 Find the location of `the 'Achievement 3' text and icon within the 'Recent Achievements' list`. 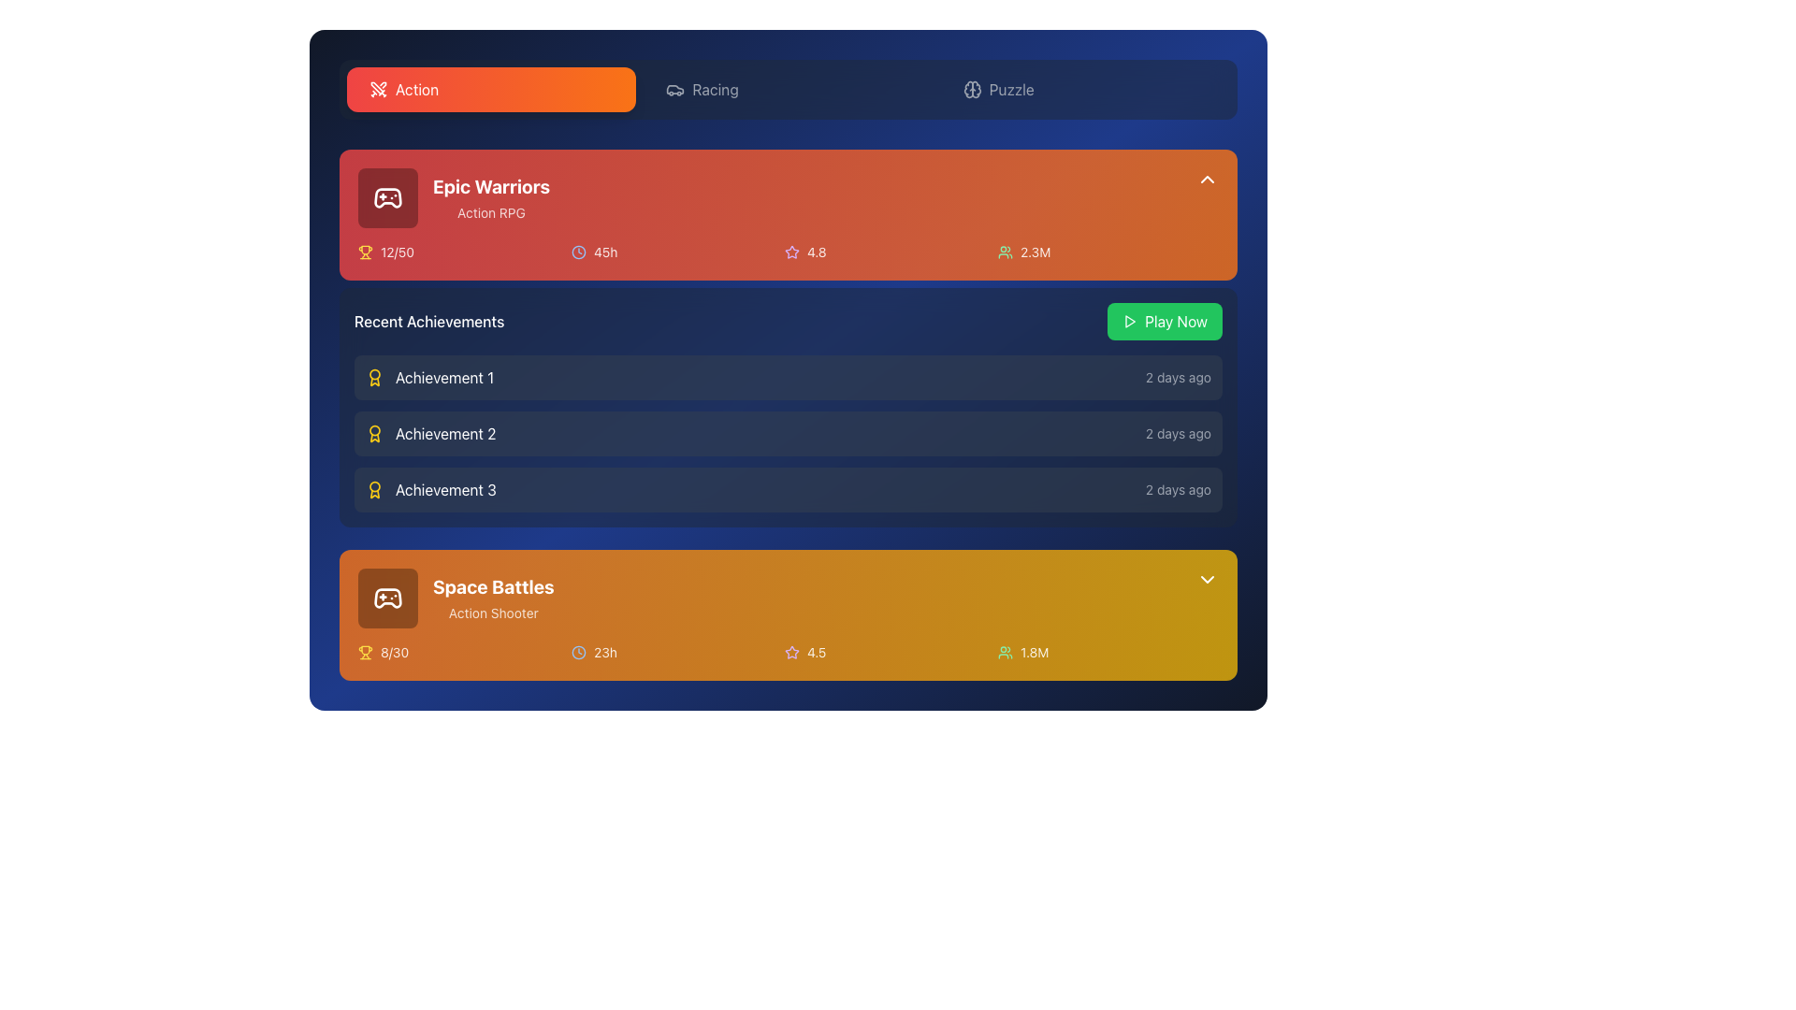

the 'Achievement 3' text and icon within the 'Recent Achievements' list is located at coordinates (429, 489).